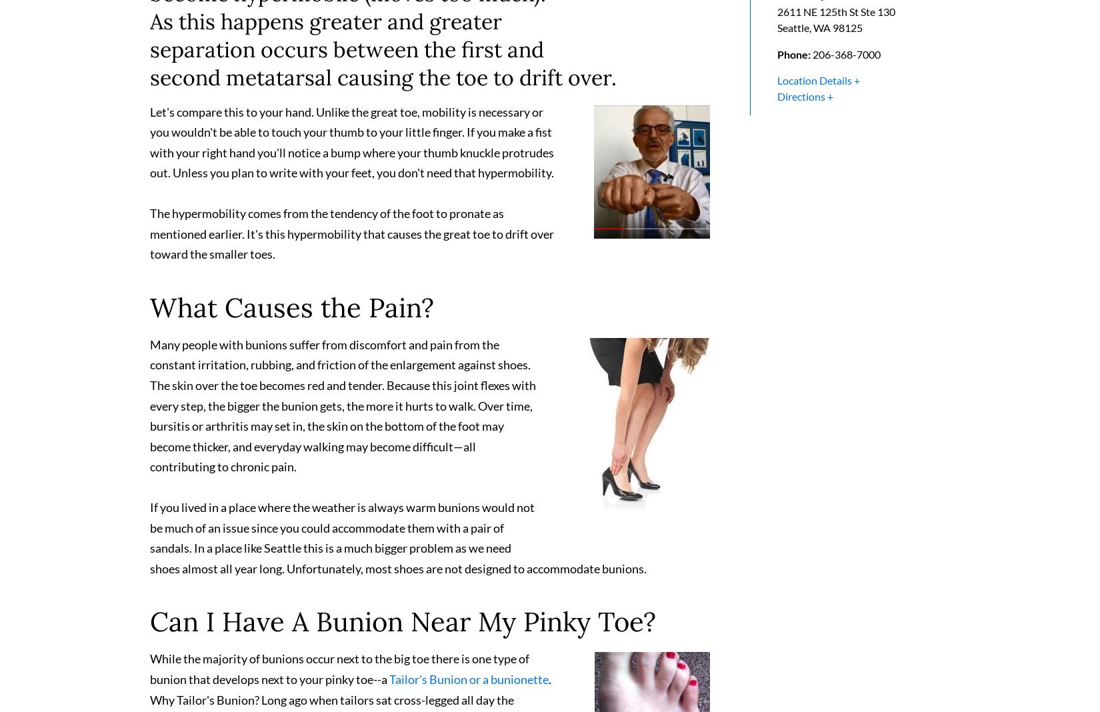 The height and width of the screenshot is (712, 1100). What do you see at coordinates (402, 627) in the screenshot?
I see `'Can I Have A Bunion Near My Pinky Toe?'` at bounding box center [402, 627].